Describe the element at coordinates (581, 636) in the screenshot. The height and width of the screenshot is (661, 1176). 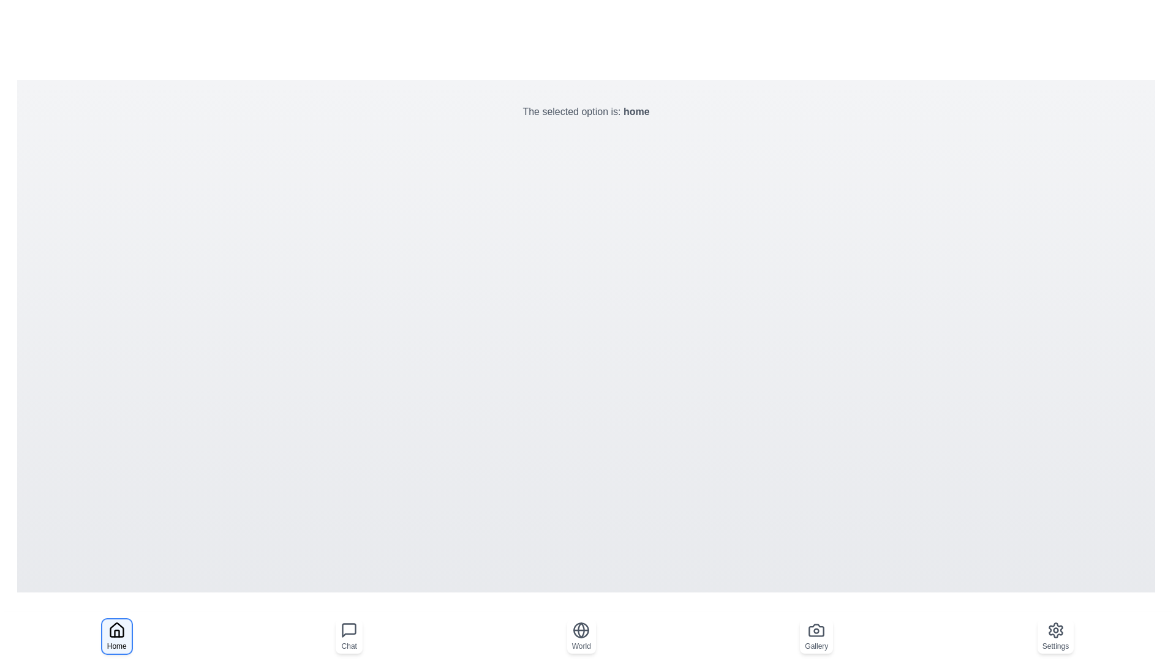
I see `the button labeled World to observe the hover effect` at that location.